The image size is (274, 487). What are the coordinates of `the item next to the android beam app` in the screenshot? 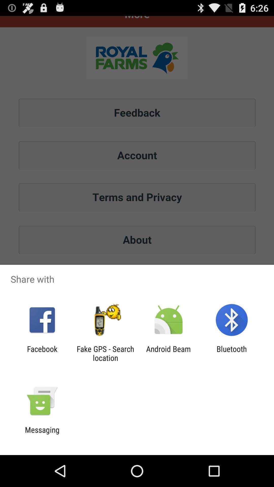 It's located at (105, 353).